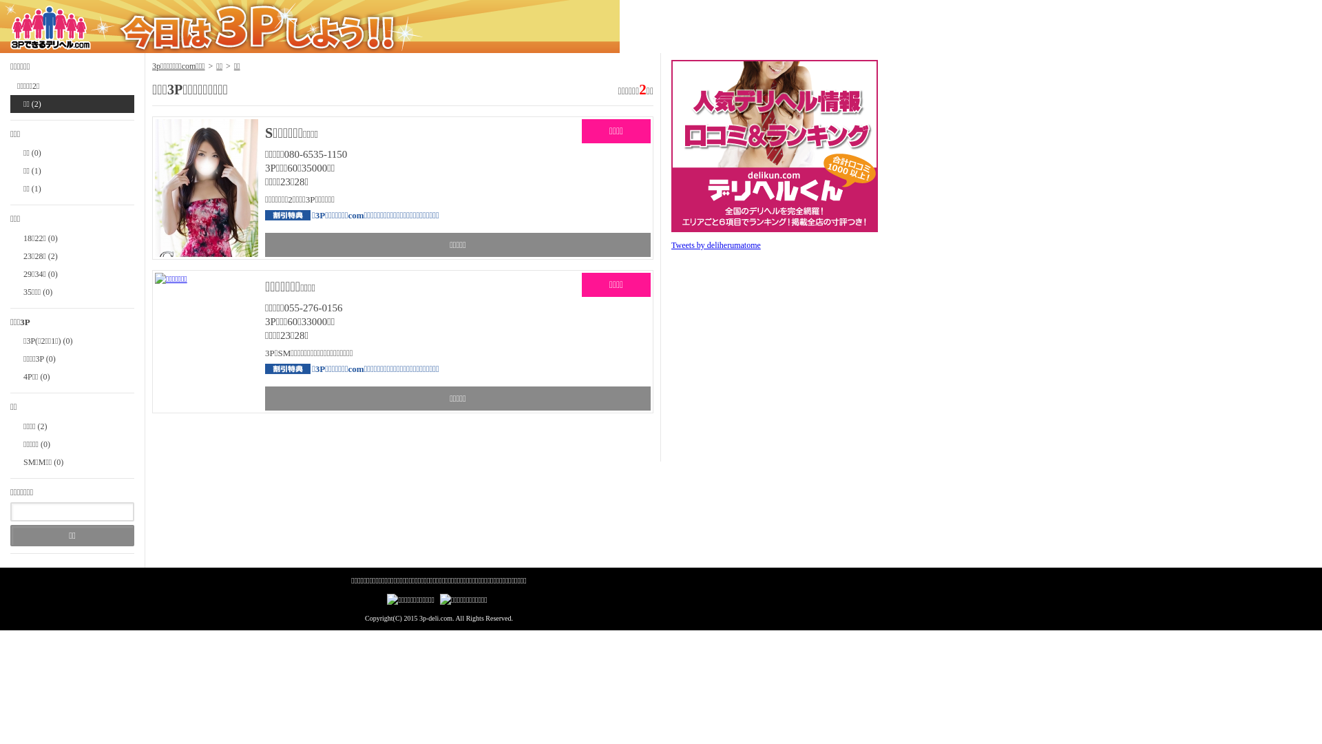 This screenshot has height=744, width=1322. What do you see at coordinates (716, 244) in the screenshot?
I see `'Tweets by deliherumatome'` at bounding box center [716, 244].